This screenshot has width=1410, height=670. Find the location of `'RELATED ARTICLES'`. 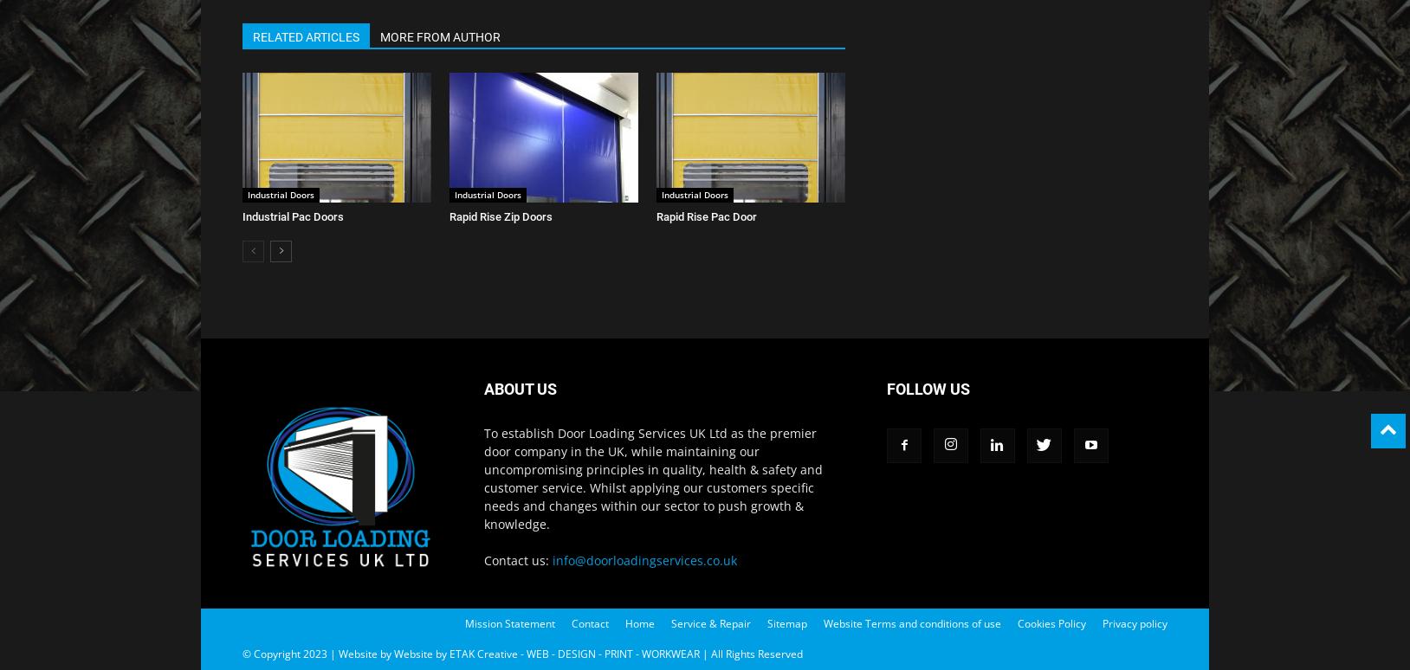

'RELATED ARTICLES' is located at coordinates (306, 36).